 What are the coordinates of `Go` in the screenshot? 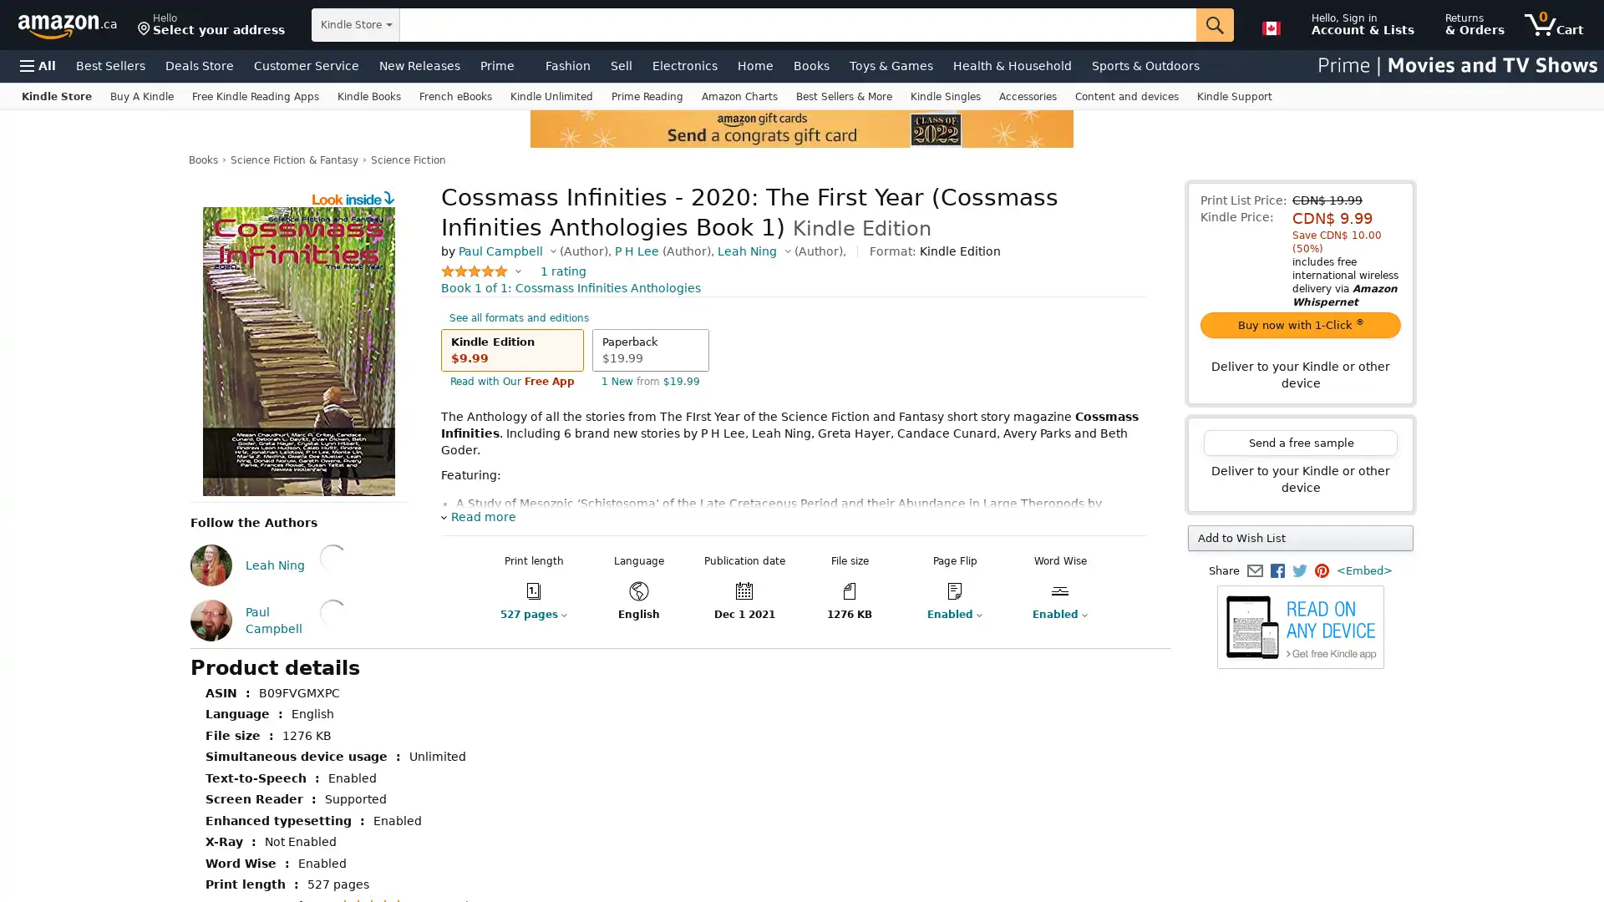 It's located at (1215, 25).